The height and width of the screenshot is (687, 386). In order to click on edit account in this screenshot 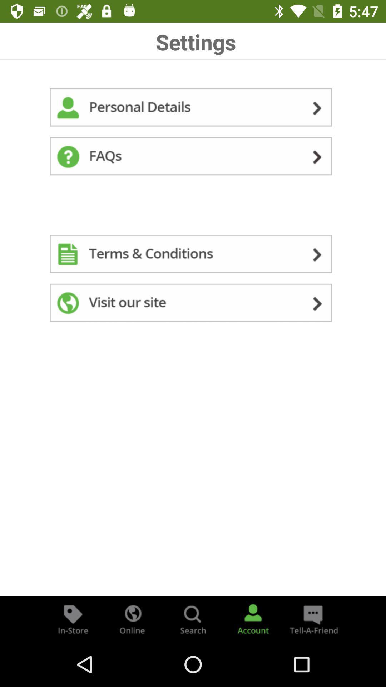, I will do `click(193, 108)`.